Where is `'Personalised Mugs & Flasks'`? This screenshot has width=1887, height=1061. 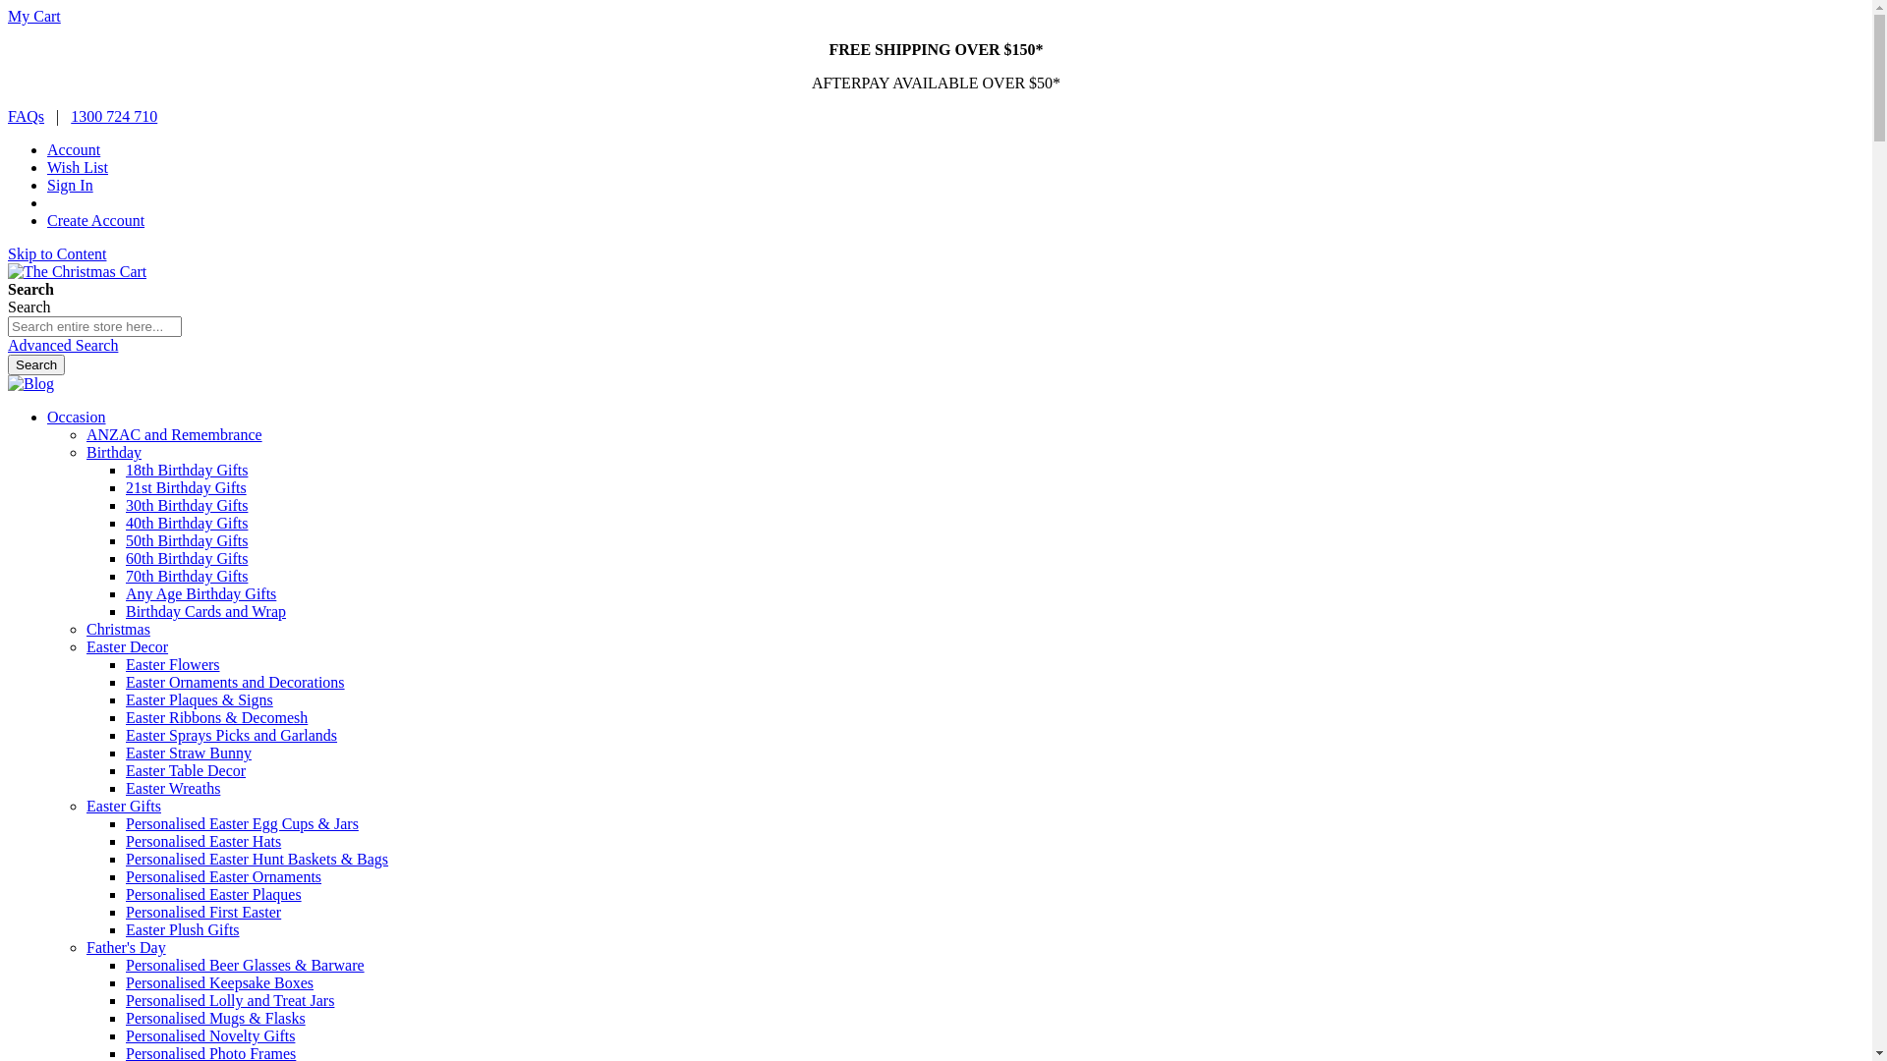
'Personalised Mugs & Flasks' is located at coordinates (215, 1017).